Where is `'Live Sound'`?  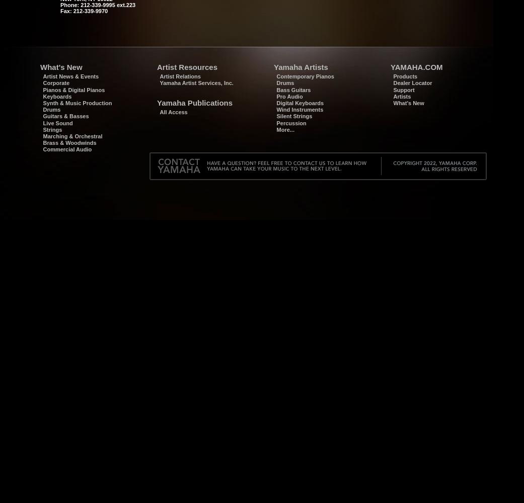 'Live Sound' is located at coordinates (42, 122).